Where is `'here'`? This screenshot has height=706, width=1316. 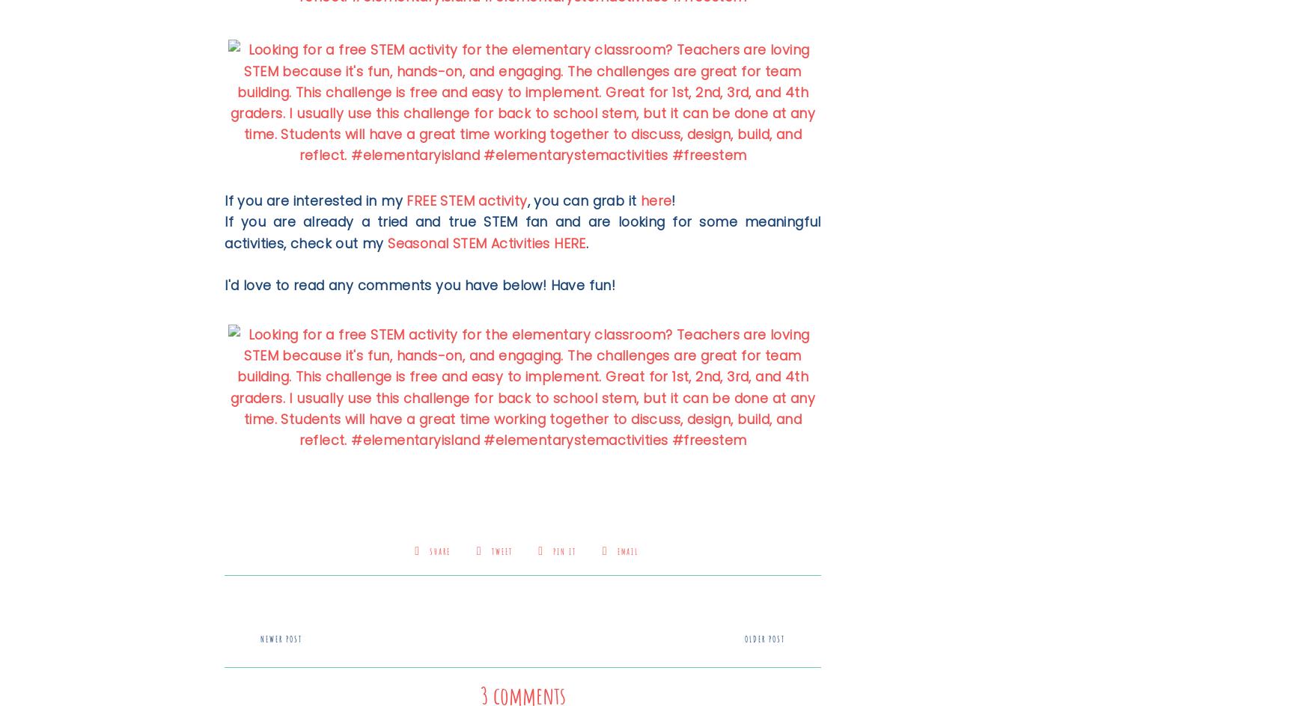 'here' is located at coordinates (655, 201).